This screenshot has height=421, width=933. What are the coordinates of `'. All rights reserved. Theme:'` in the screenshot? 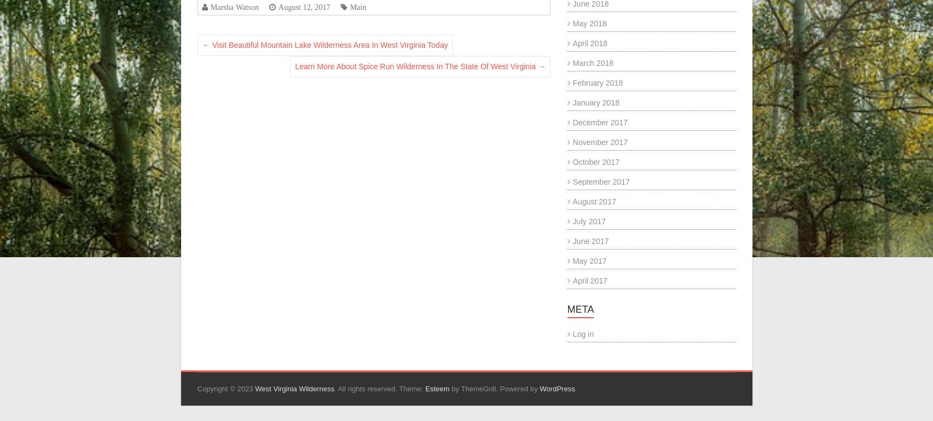 It's located at (379, 388).